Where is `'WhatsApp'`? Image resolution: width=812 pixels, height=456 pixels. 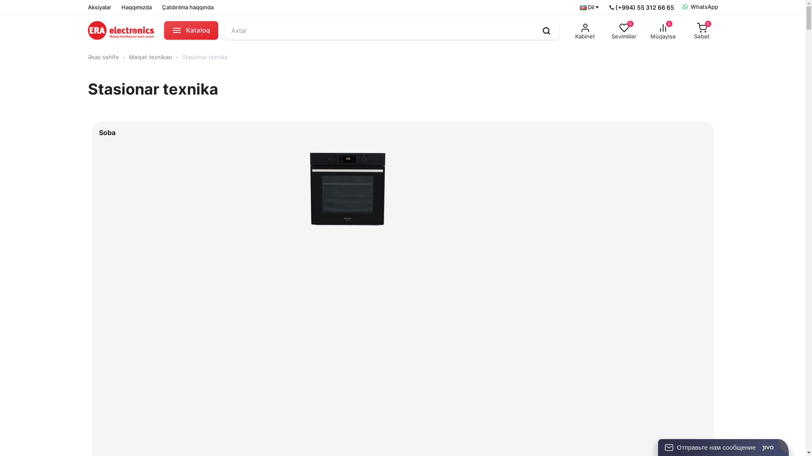 'WhatsApp' is located at coordinates (700, 7).